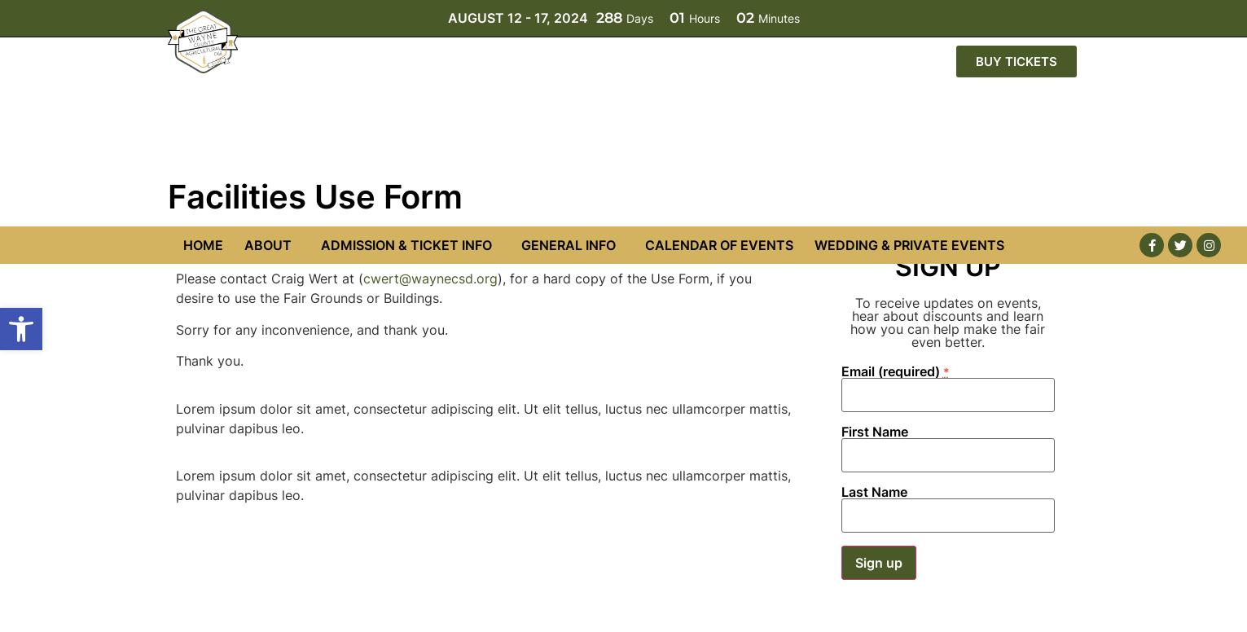 The image size is (1247, 632). Describe the element at coordinates (362, 51) in the screenshot. I see `'cwert@waynecsd.org'` at that location.